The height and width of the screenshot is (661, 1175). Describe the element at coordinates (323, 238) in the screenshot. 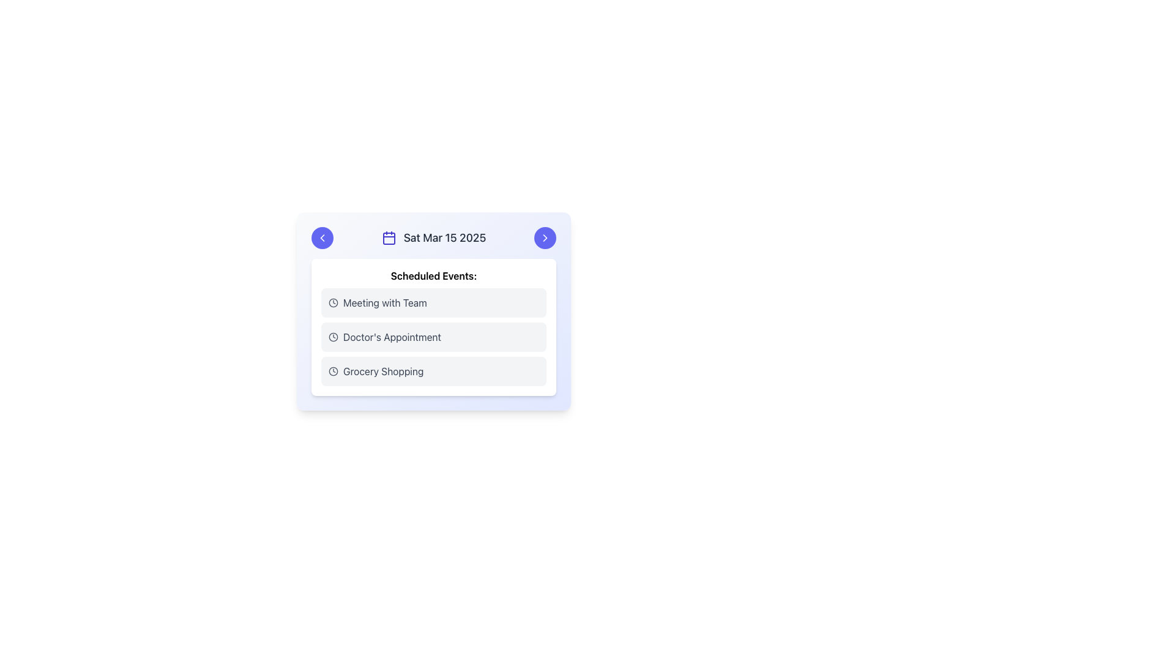

I see `the leftward chevron arrow icon in the top-left corner of the highlighted header panel, which is part of the navigation control next to the date 'Sat Mar 15 2025.'` at that location.